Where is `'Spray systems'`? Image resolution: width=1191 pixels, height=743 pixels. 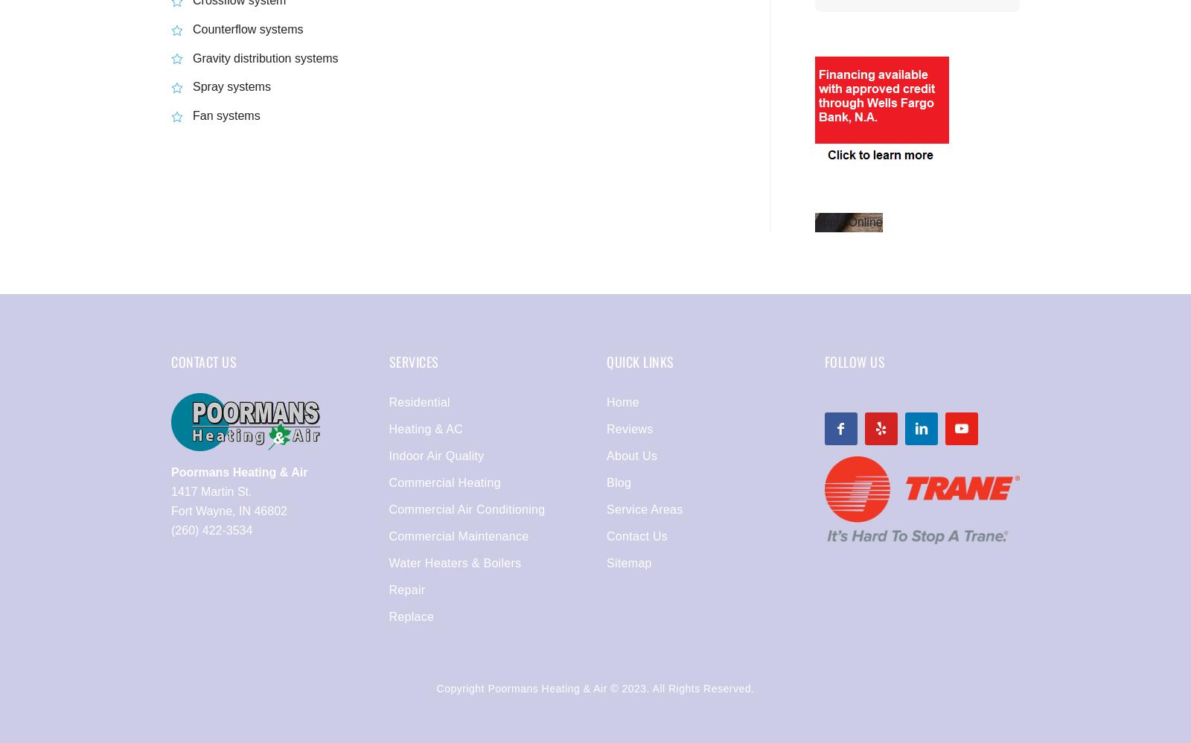 'Spray systems' is located at coordinates (232, 86).